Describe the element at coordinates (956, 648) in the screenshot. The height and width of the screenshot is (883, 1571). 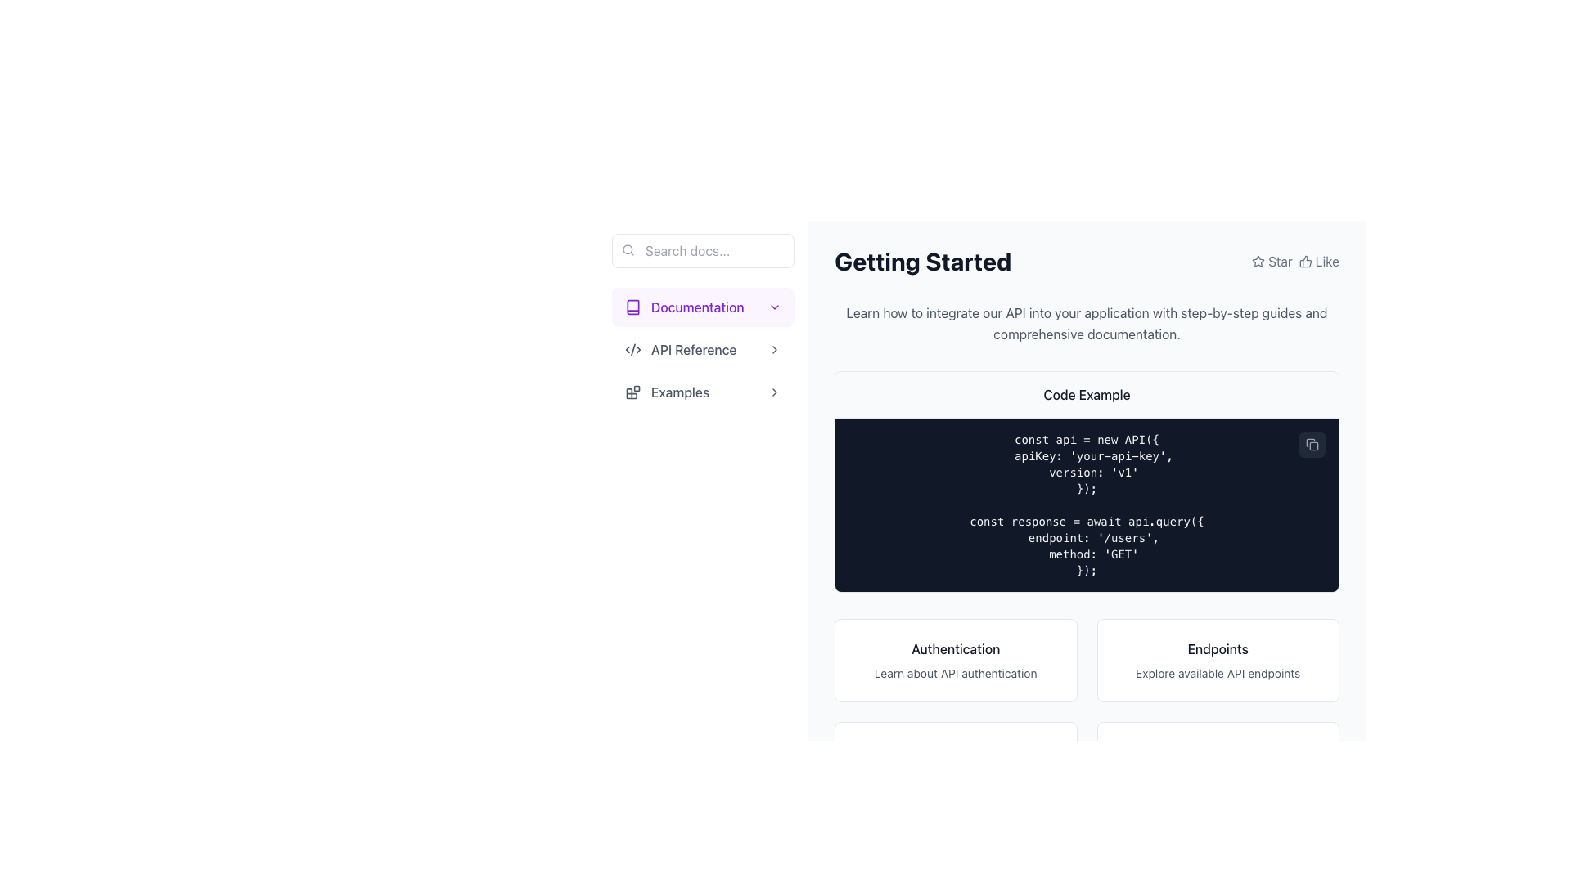
I see `the text label at the top center of the card that summarizes its purpose, located in the bottom row of a two-column layout` at that location.